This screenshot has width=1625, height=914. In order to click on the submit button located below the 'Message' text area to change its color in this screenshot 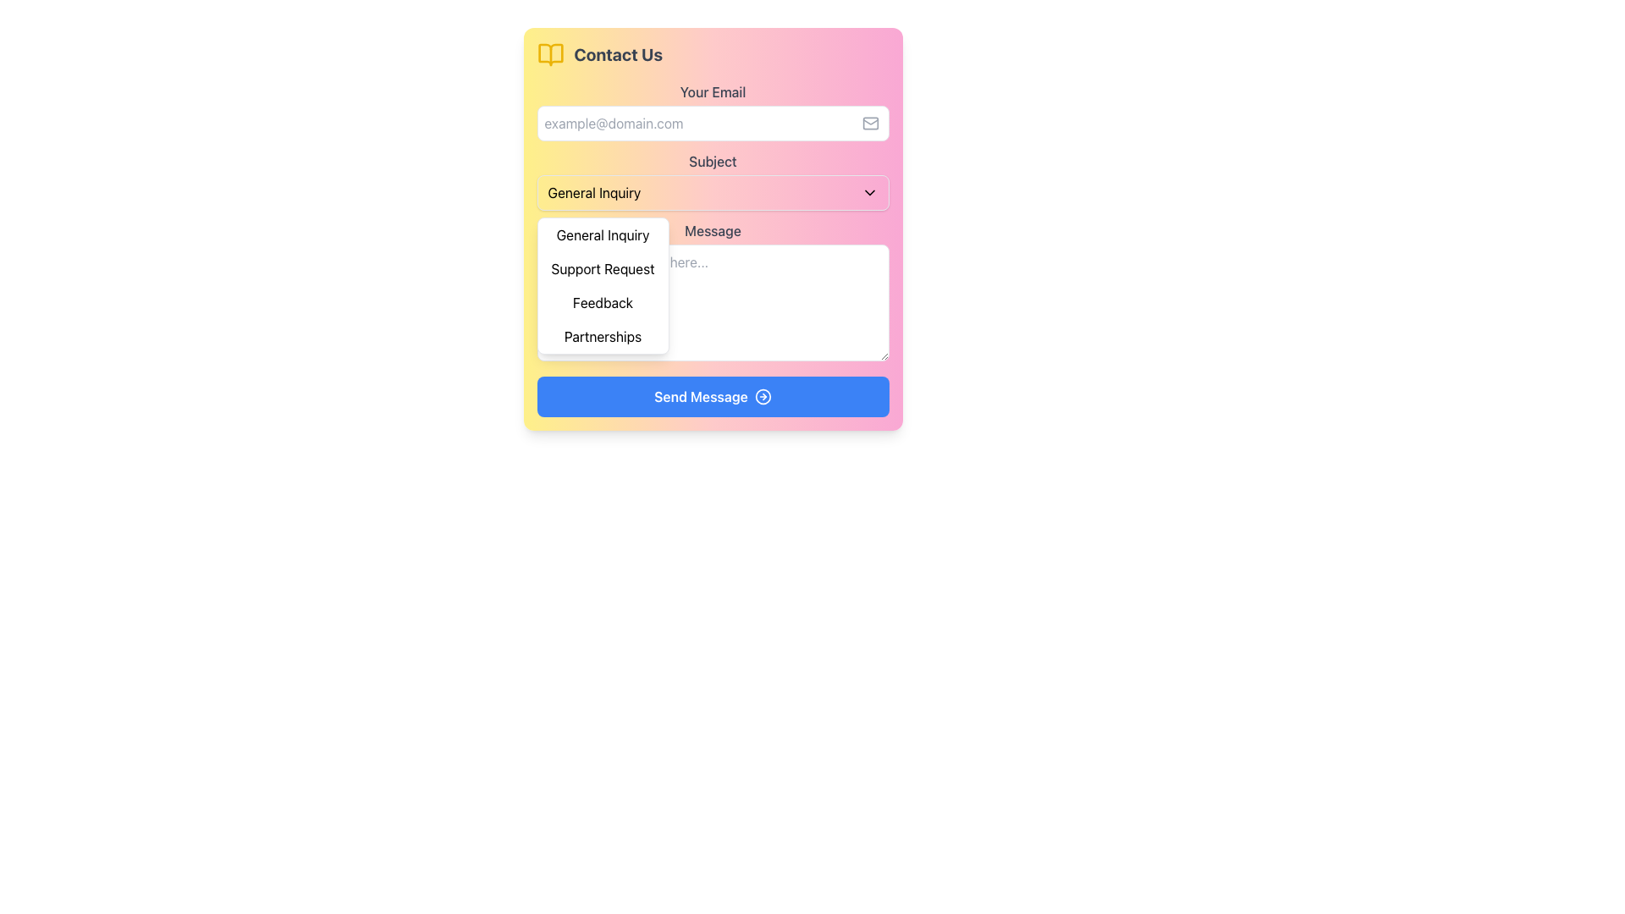, I will do `click(713, 397)`.